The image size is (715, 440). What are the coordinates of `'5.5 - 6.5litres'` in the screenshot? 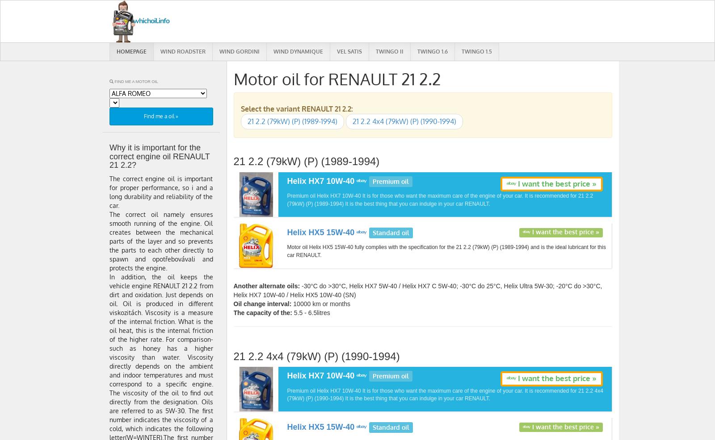 It's located at (311, 311).